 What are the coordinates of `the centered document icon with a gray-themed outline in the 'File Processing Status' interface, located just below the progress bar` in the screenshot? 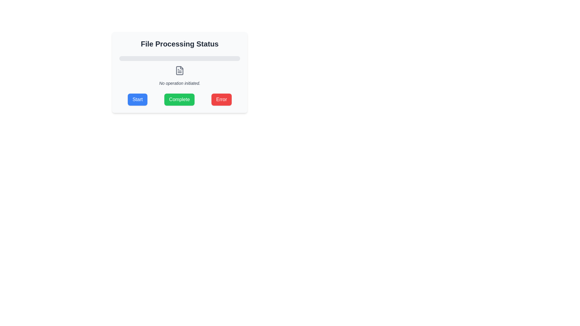 It's located at (179, 70).